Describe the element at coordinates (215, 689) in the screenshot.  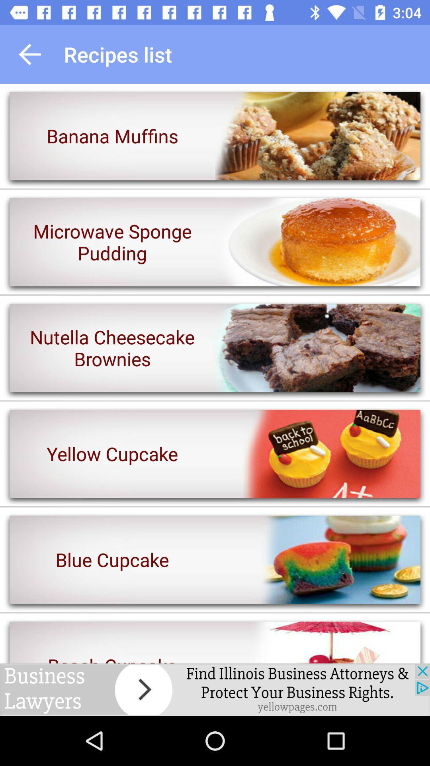
I see `adverts` at that location.